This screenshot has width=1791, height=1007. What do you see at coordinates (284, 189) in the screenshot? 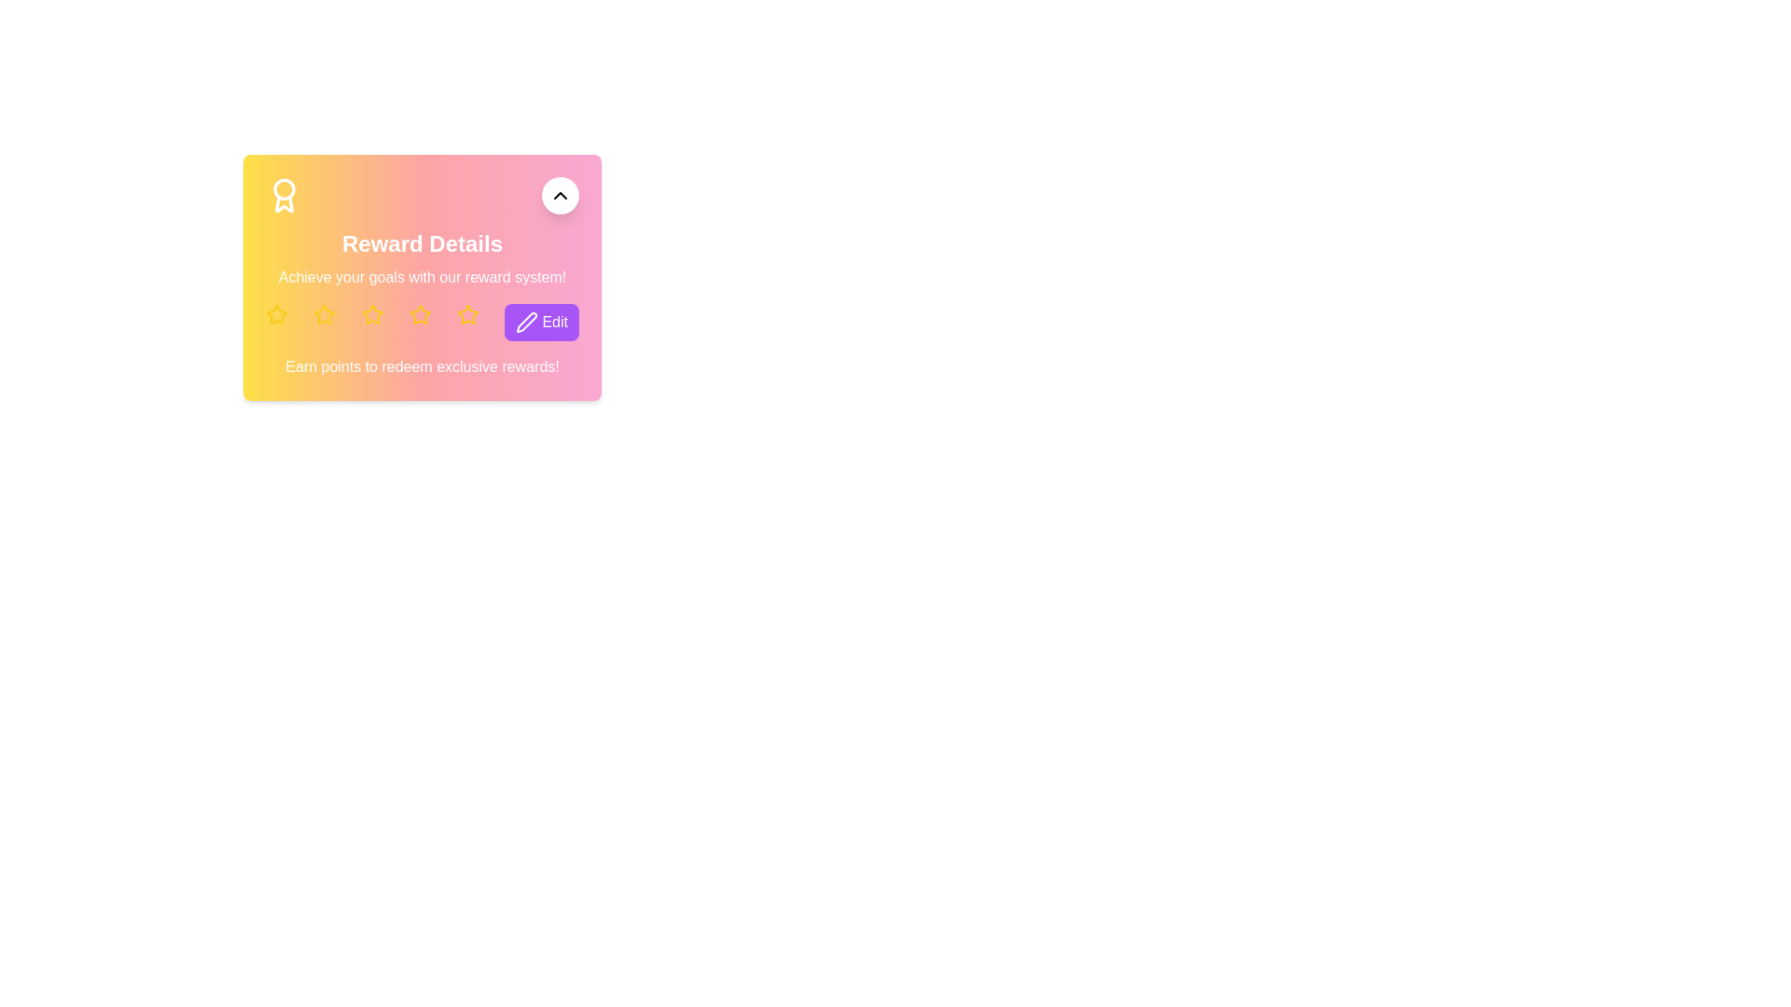
I see `the decorative circular icon located in the top left corner of the reward card section, which is part of an emblem-like structure` at bounding box center [284, 189].